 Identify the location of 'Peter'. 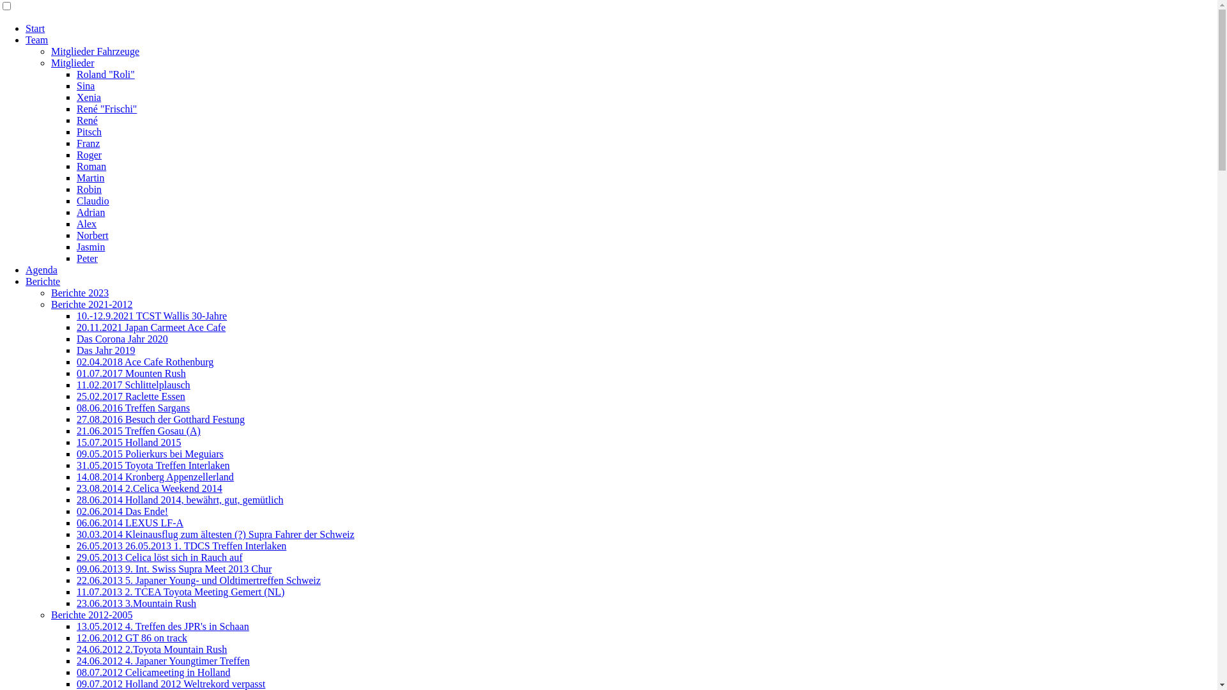
(86, 258).